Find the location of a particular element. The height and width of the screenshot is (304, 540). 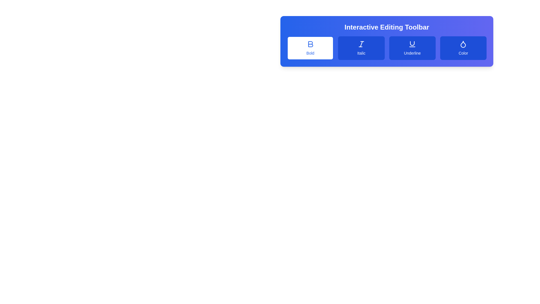

the horizontal toolbar with a gradient blue background that features options such as 'Bold', 'Italic', 'Underline', and 'Color' is located at coordinates (386, 41).